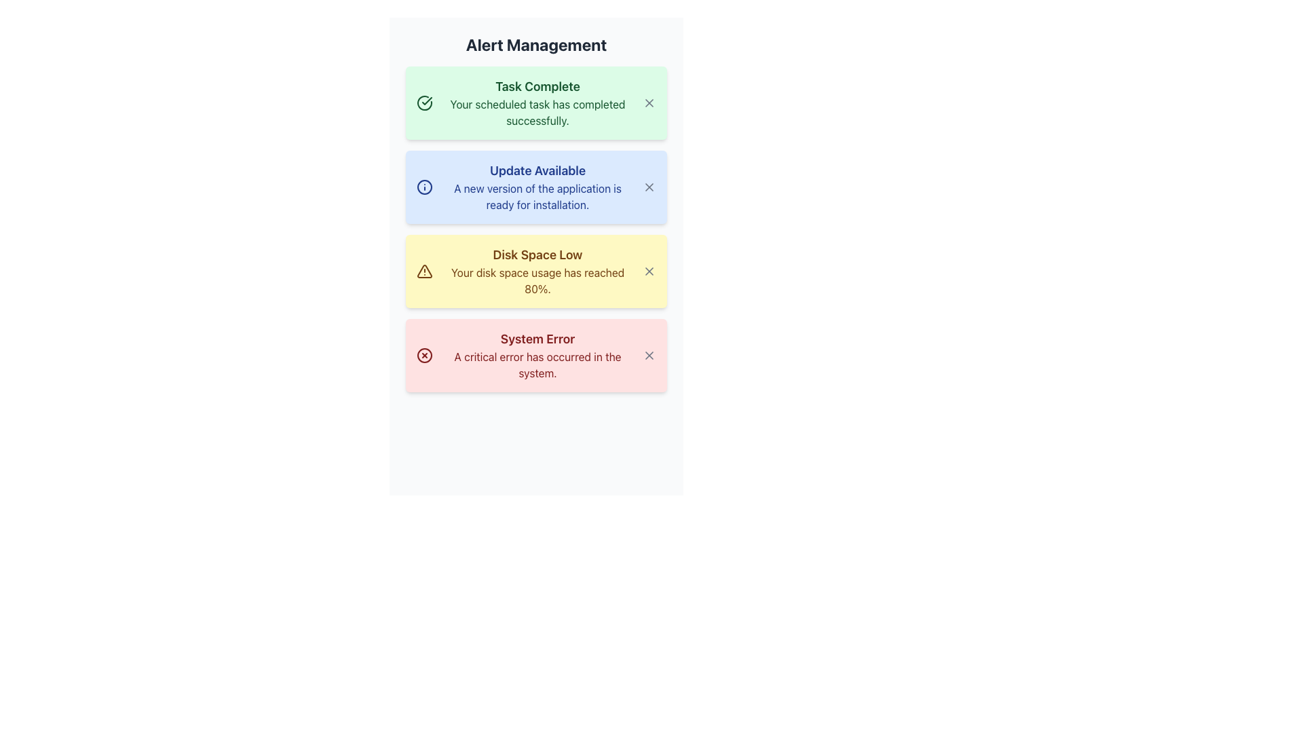  What do you see at coordinates (648, 102) in the screenshot?
I see `the 'X' mark button on the far-right of the green notification panel indicating task completion` at bounding box center [648, 102].